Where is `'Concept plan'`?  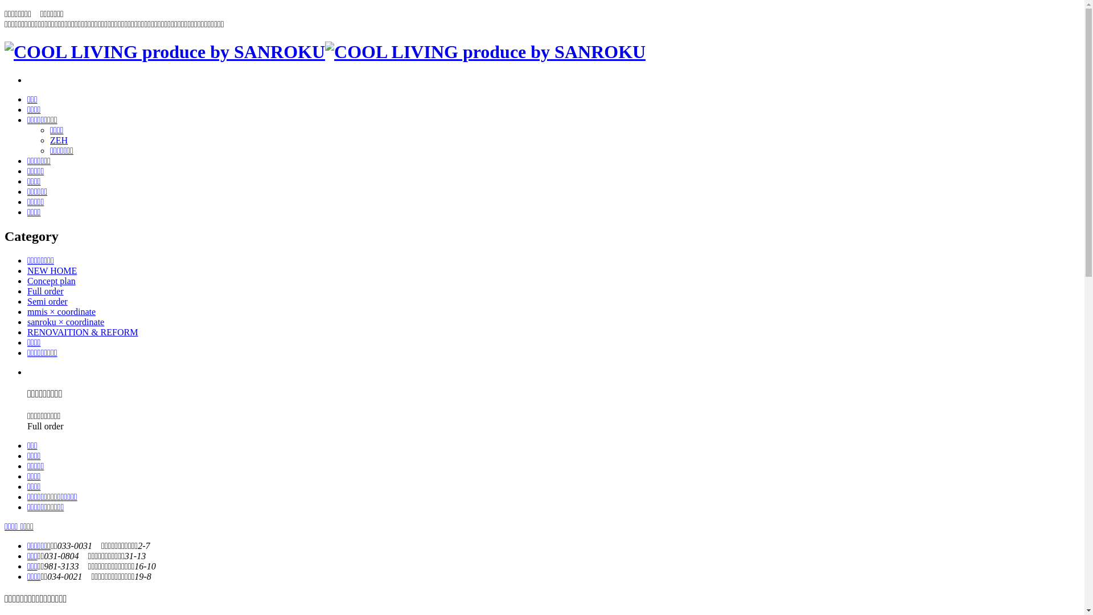 'Concept plan' is located at coordinates (27, 281).